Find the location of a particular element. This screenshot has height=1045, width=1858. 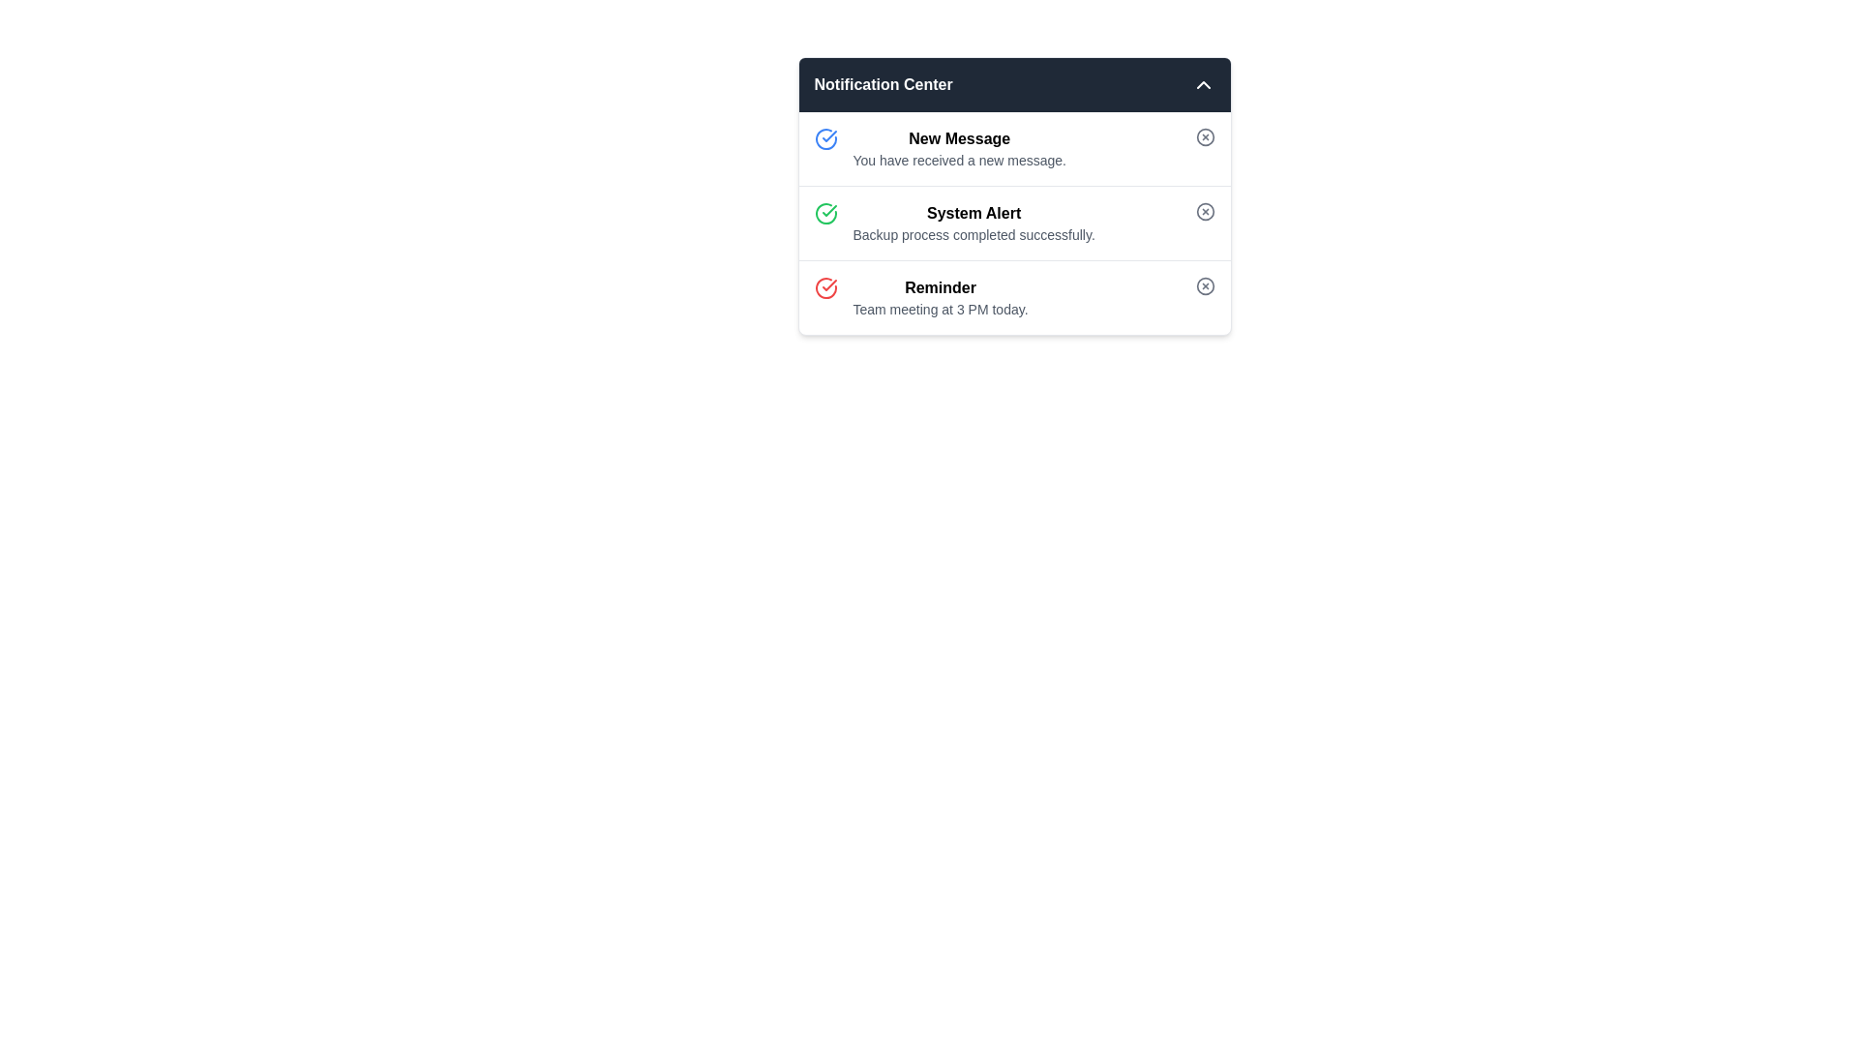

the content of the Text Label in the first notification slot announcing a new message, located in the notification panel above the descriptive text is located at coordinates (959, 137).